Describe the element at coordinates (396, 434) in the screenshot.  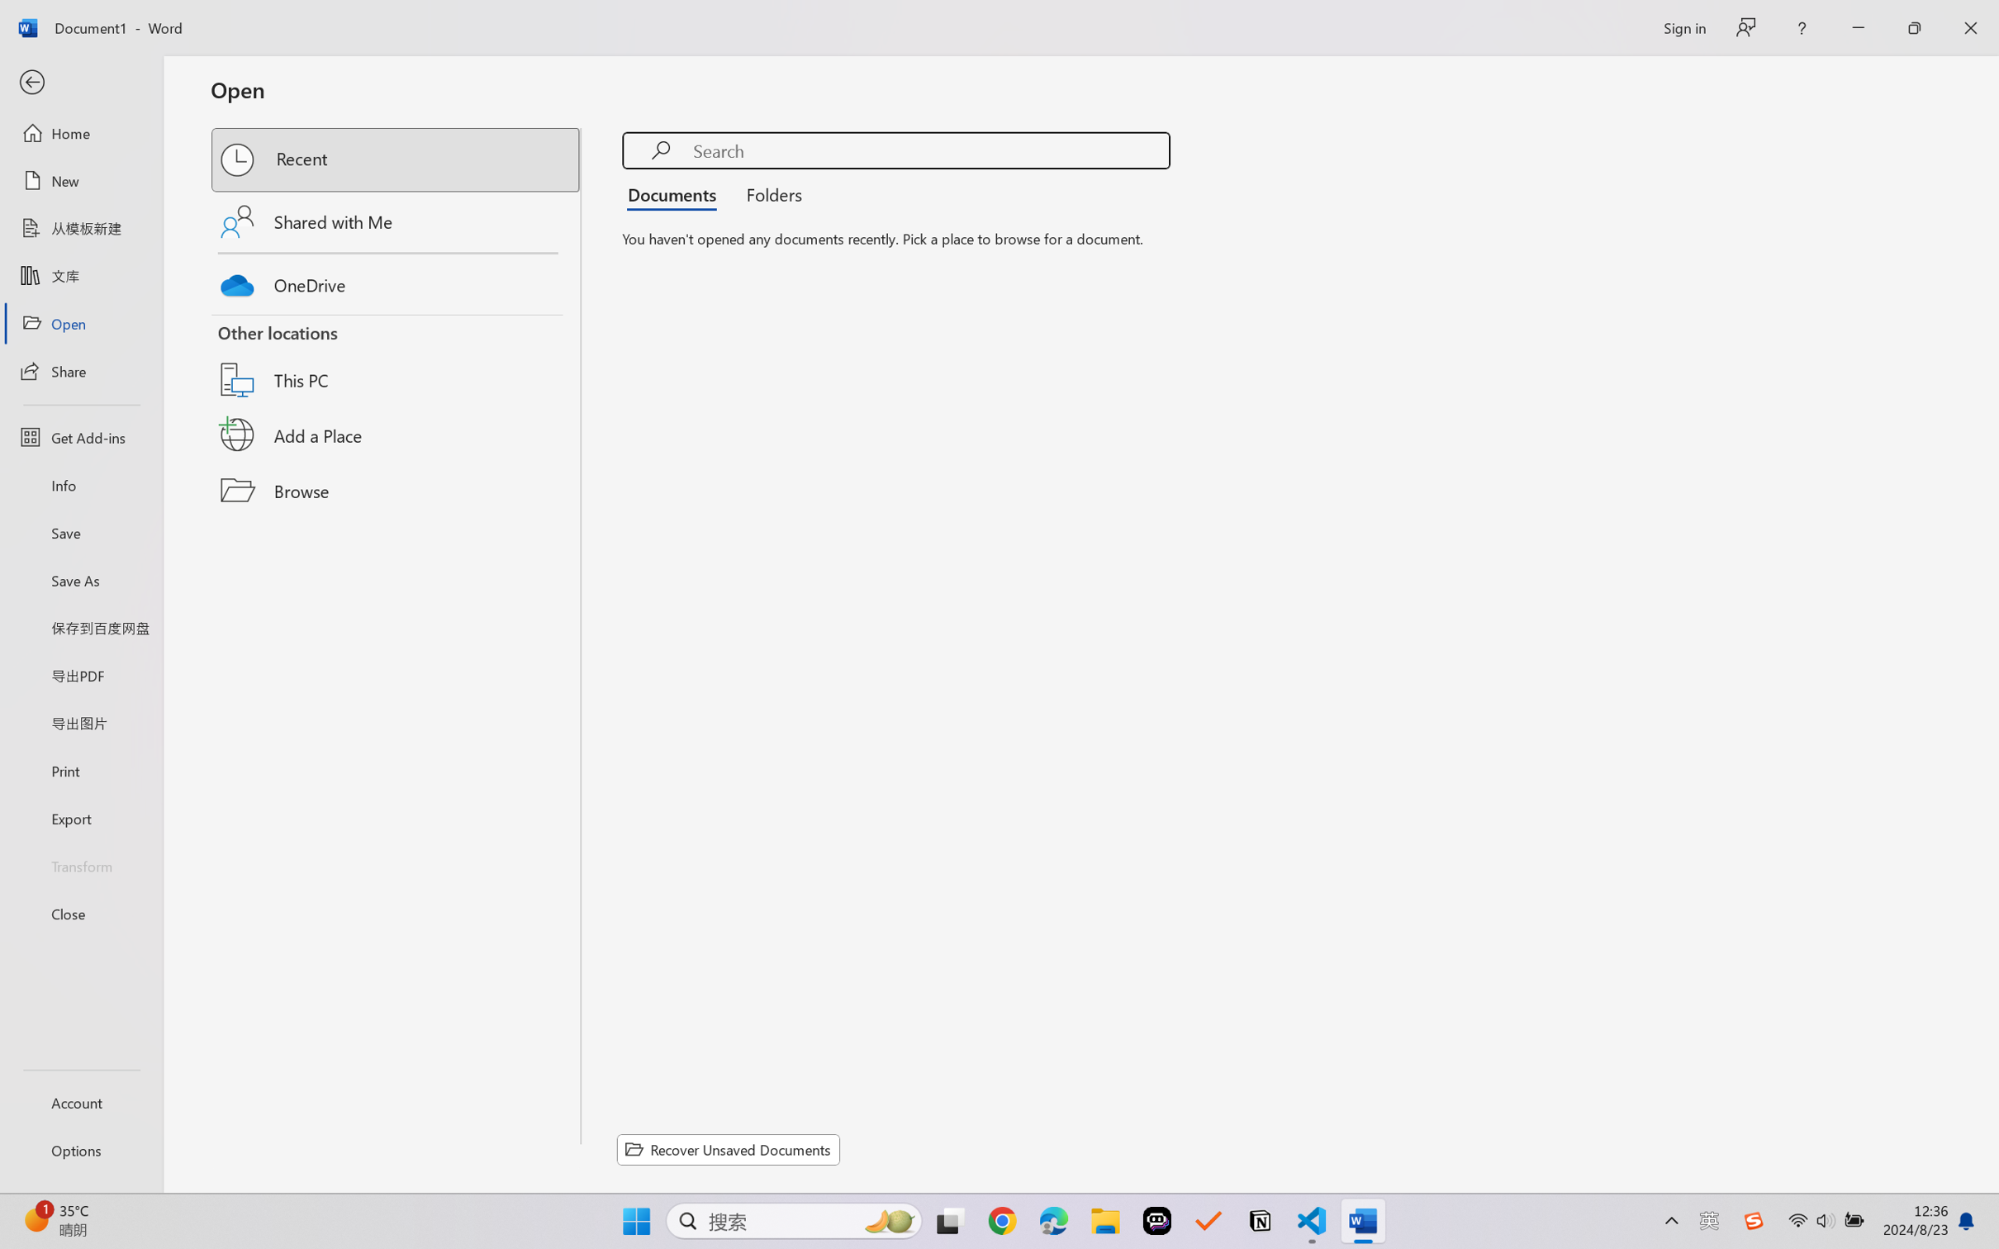
I see `'Add a Place'` at that location.